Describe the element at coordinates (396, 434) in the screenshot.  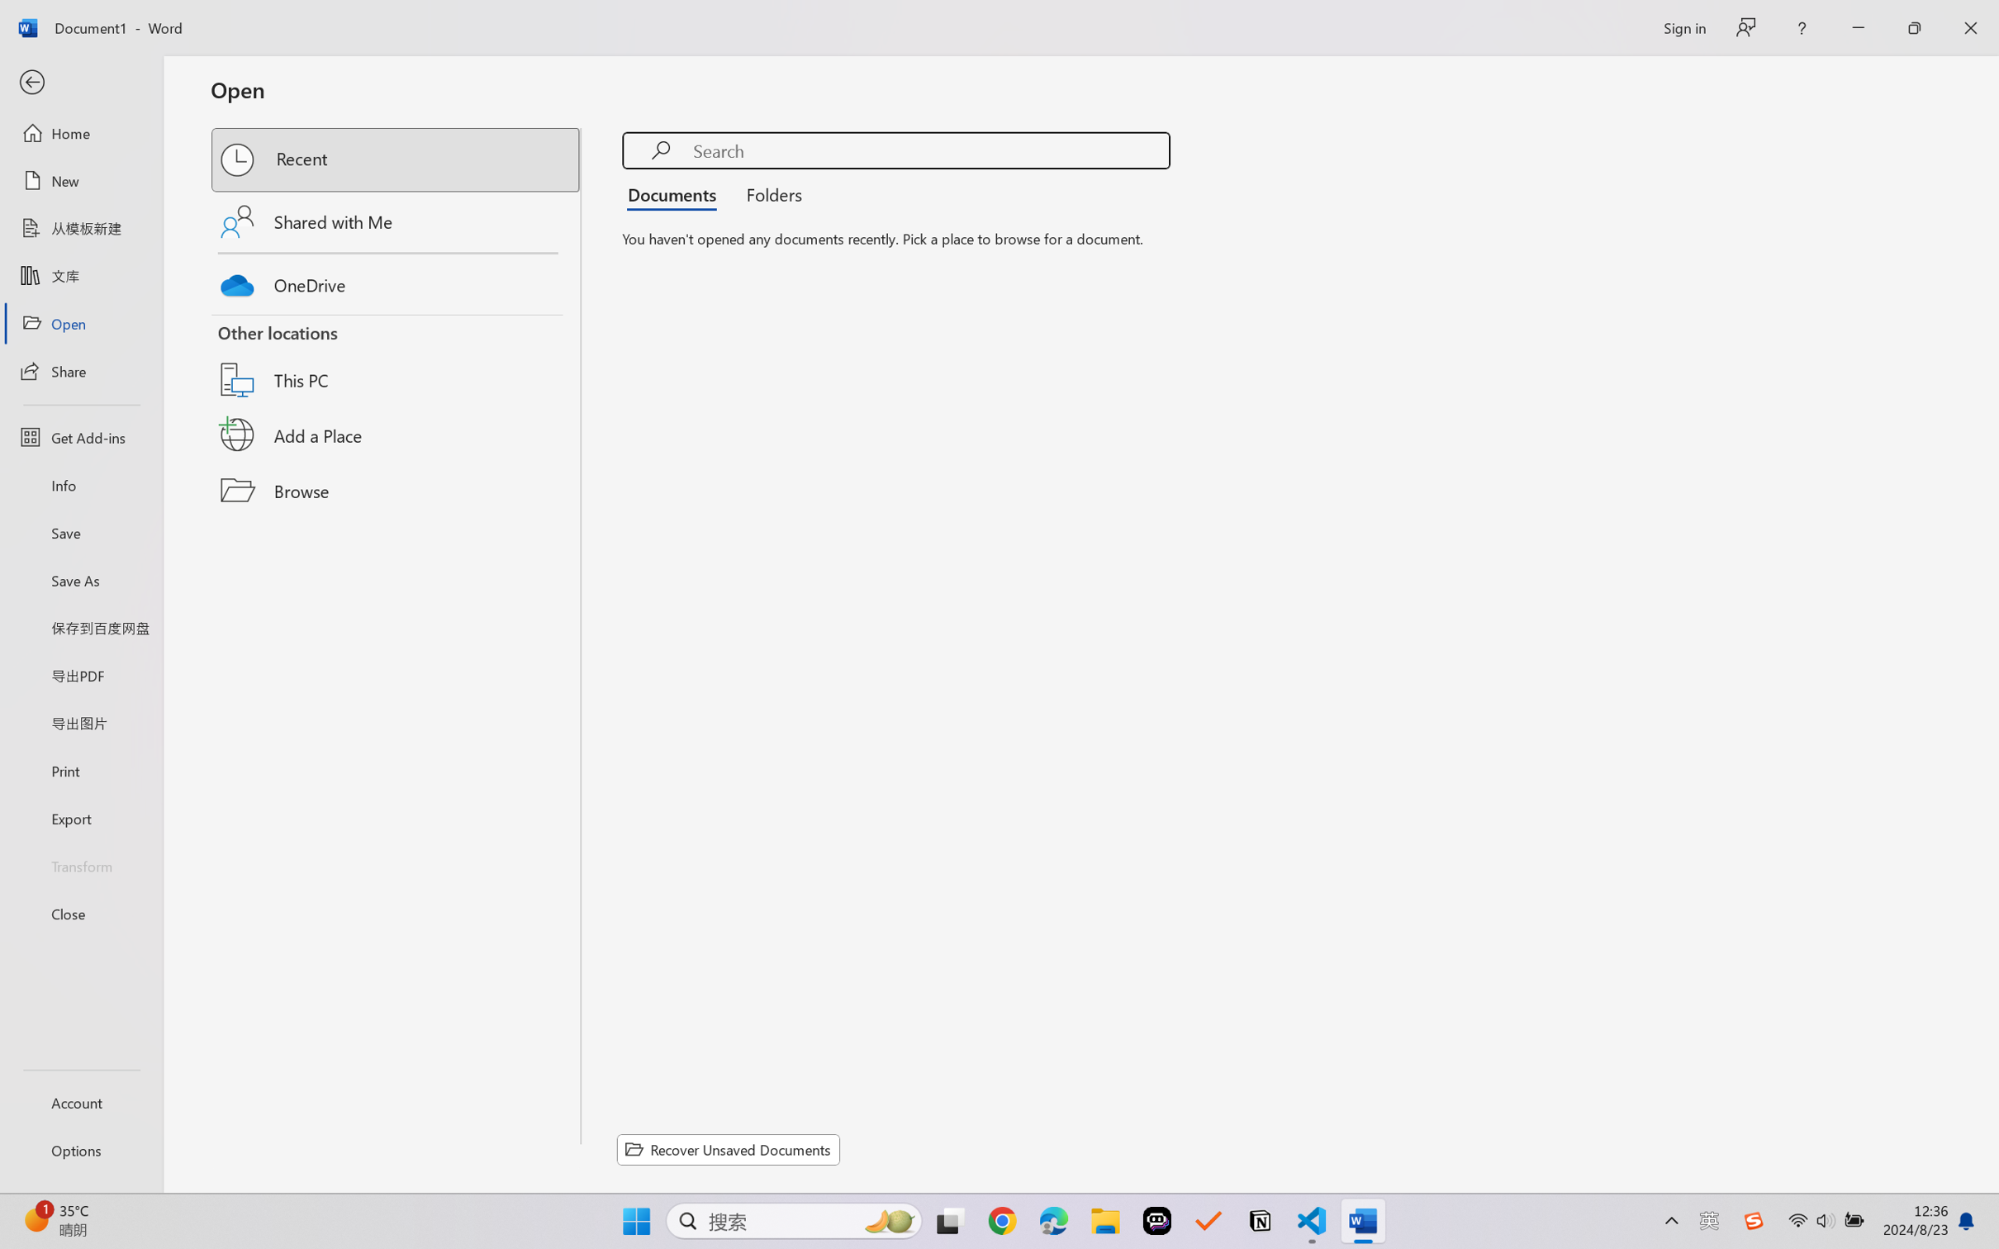
I see `'Add a Place'` at that location.